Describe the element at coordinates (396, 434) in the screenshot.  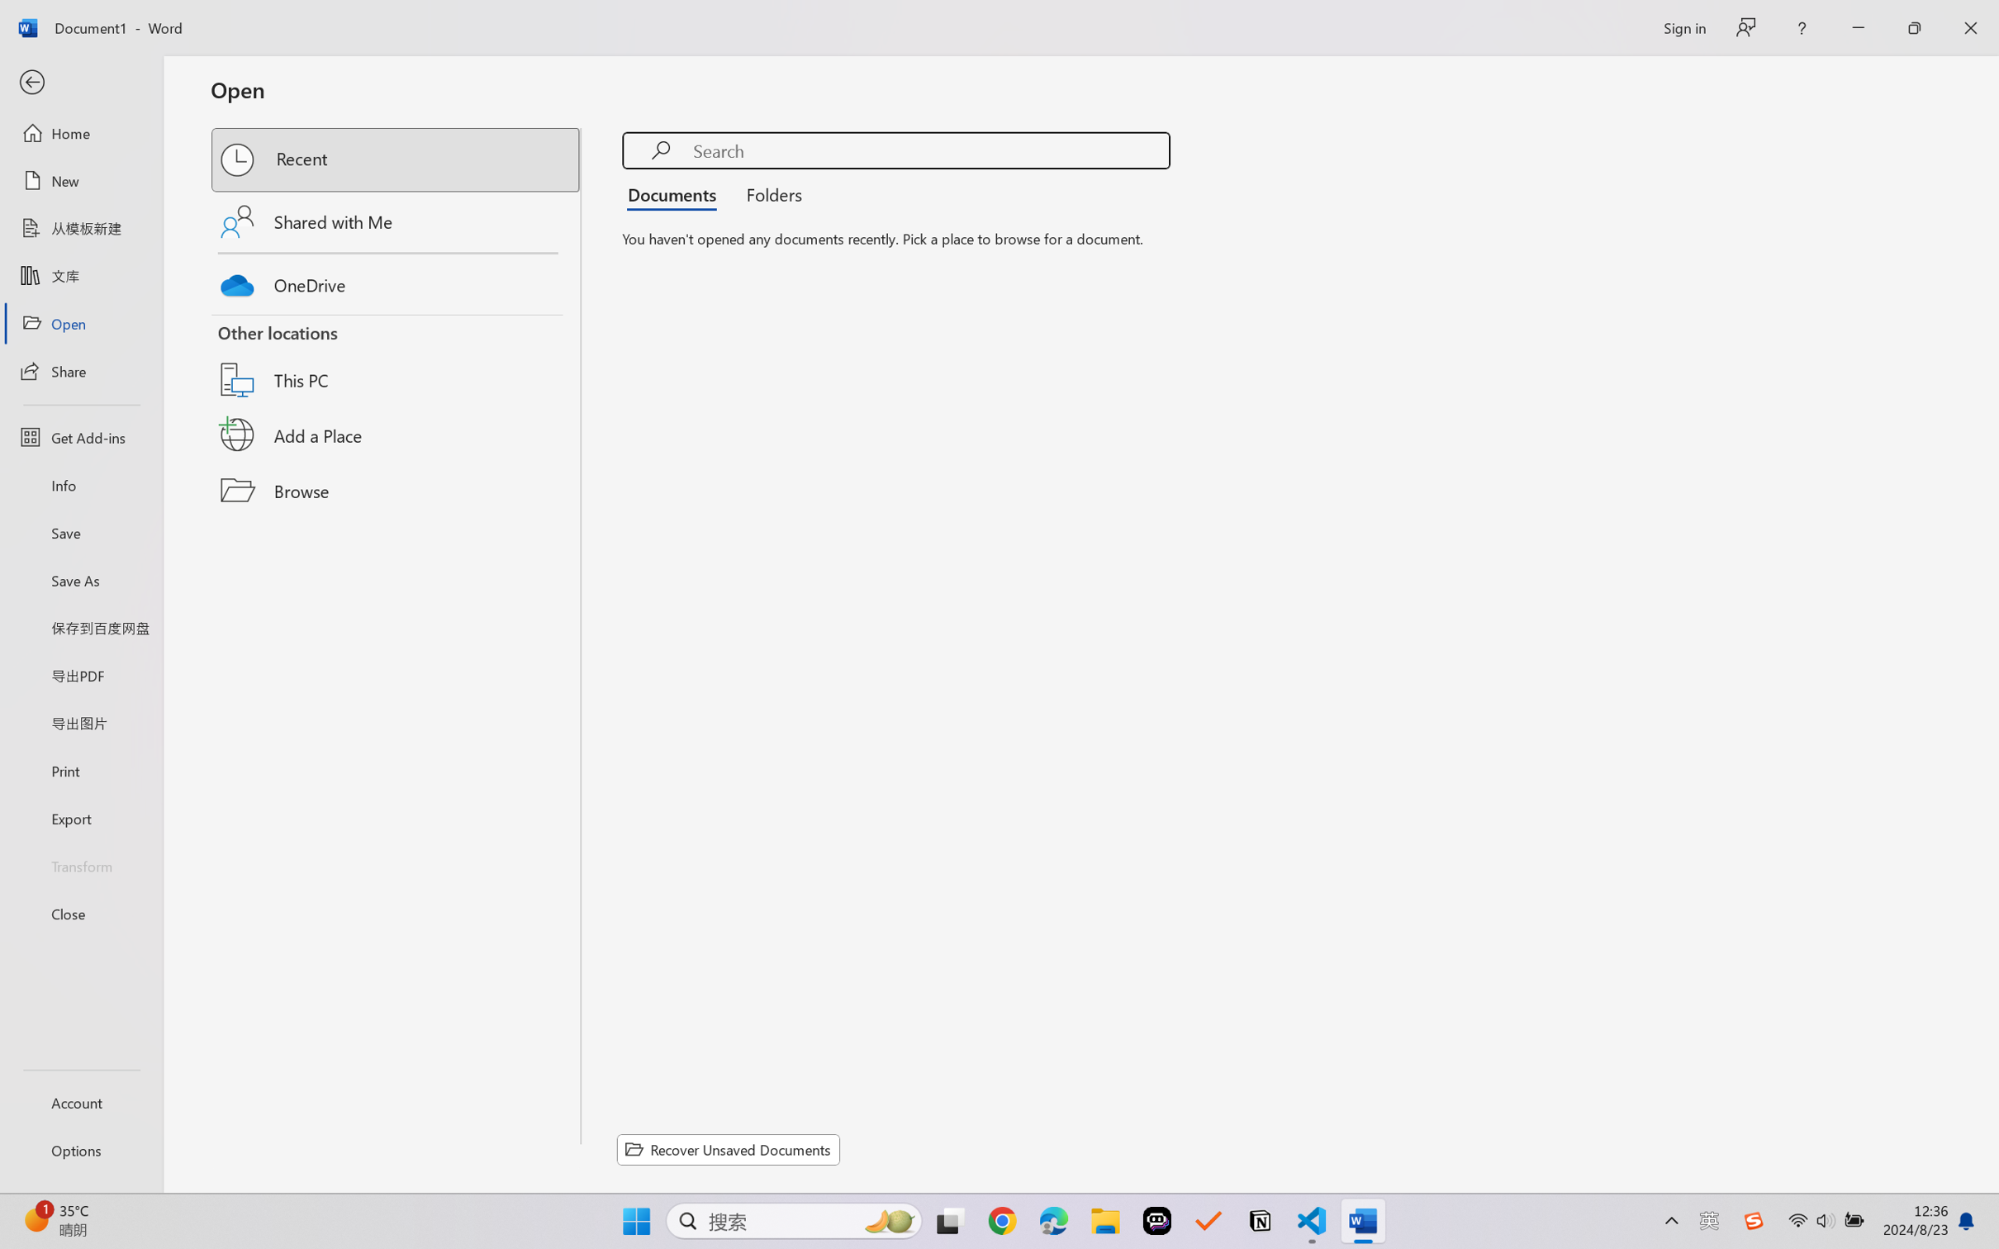
I see `'Add a Place'` at that location.